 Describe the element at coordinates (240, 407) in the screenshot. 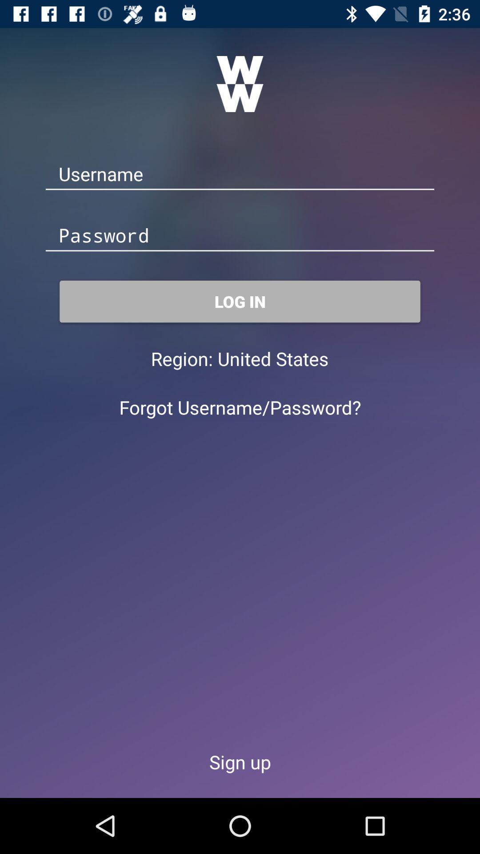

I see `forgot username/password?` at that location.